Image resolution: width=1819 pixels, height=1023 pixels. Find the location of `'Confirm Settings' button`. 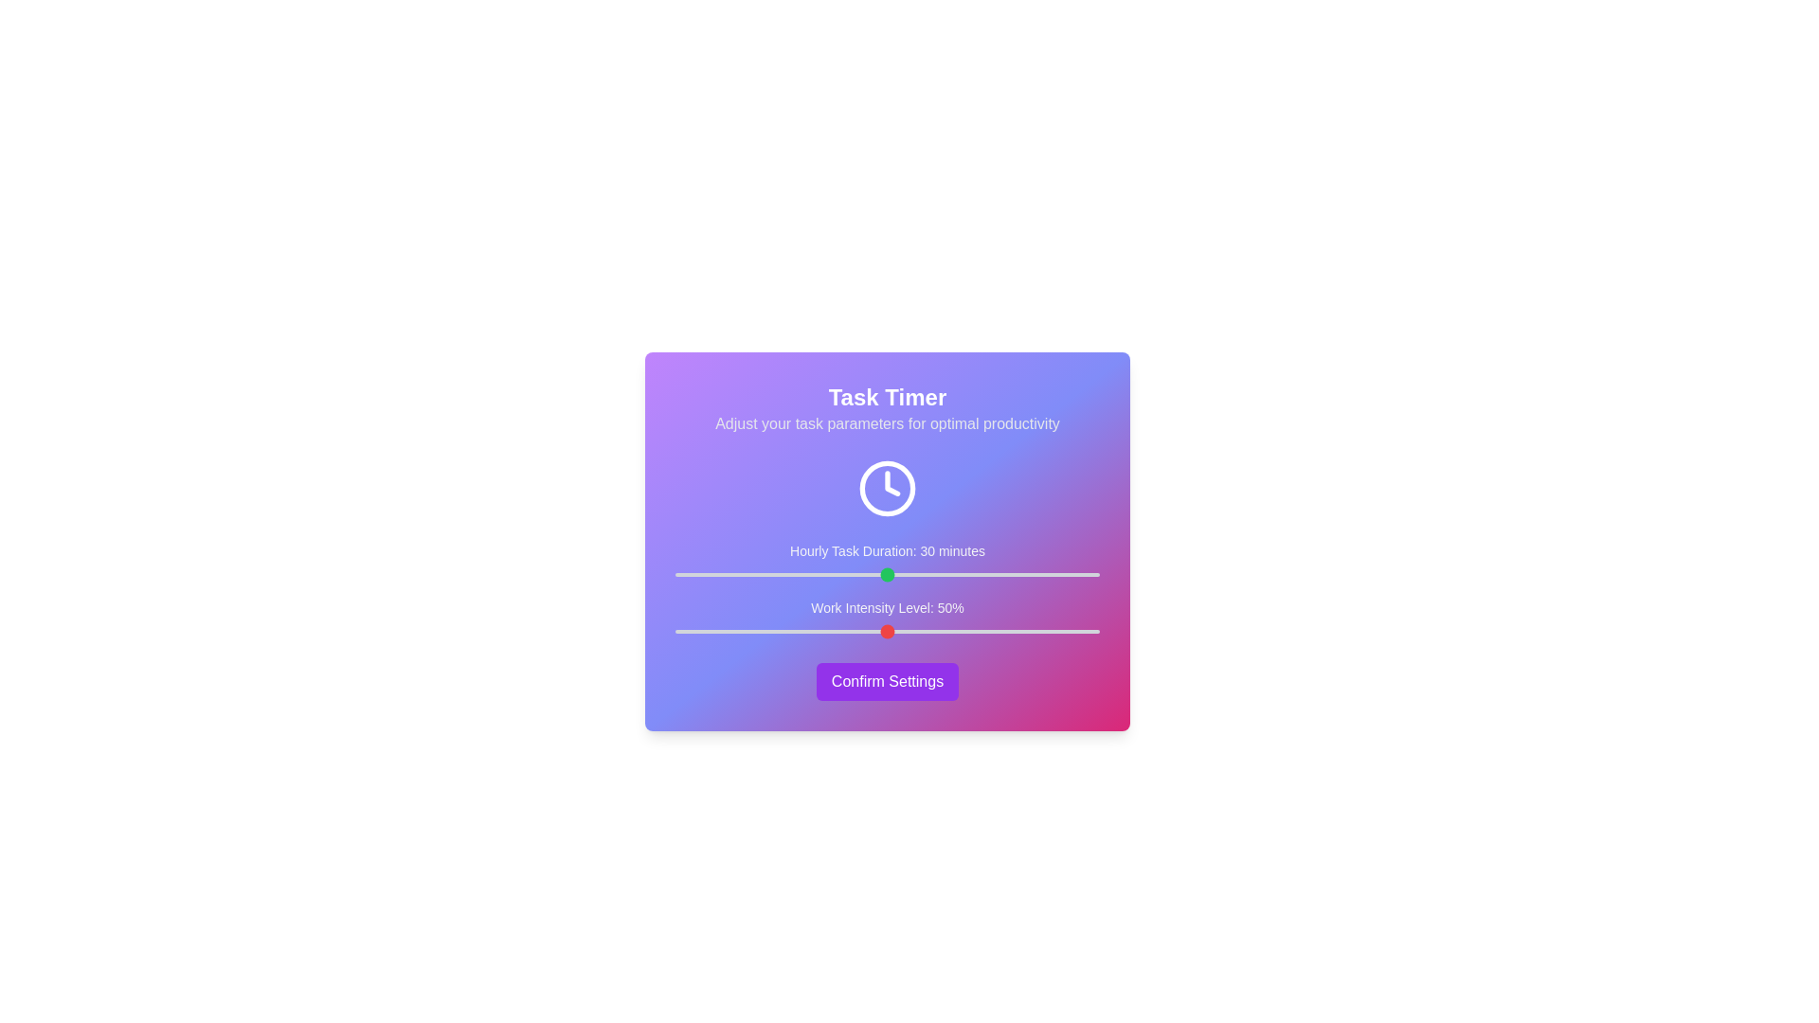

'Confirm Settings' button is located at coordinates (886, 682).